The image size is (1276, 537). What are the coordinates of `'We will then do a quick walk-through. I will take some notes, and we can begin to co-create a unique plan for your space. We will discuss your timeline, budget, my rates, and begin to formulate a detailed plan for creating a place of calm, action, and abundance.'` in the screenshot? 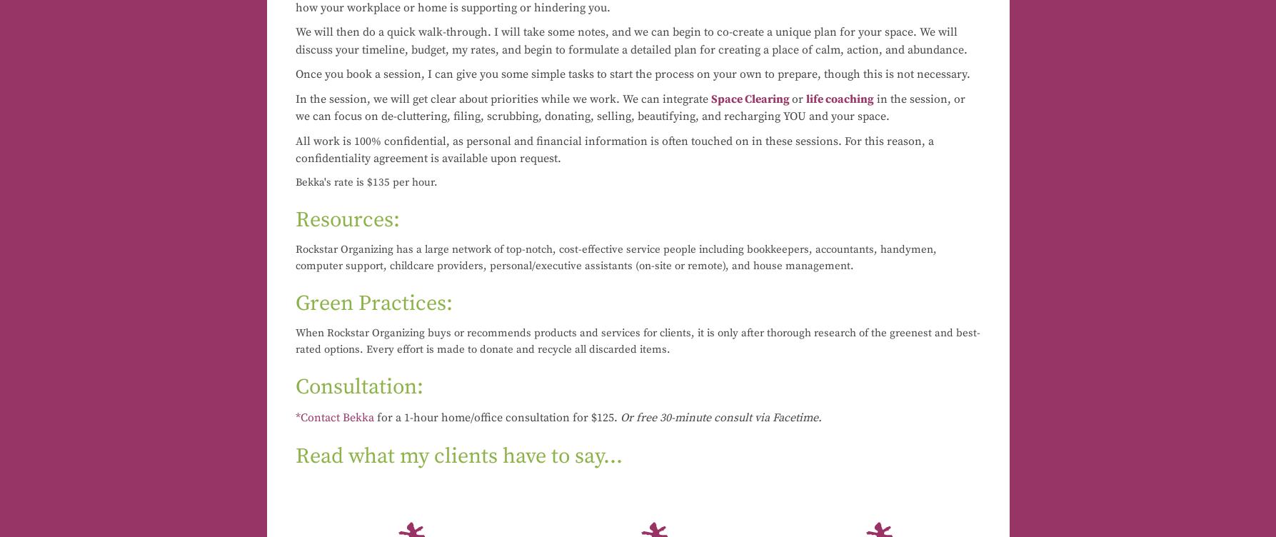 It's located at (294, 41).